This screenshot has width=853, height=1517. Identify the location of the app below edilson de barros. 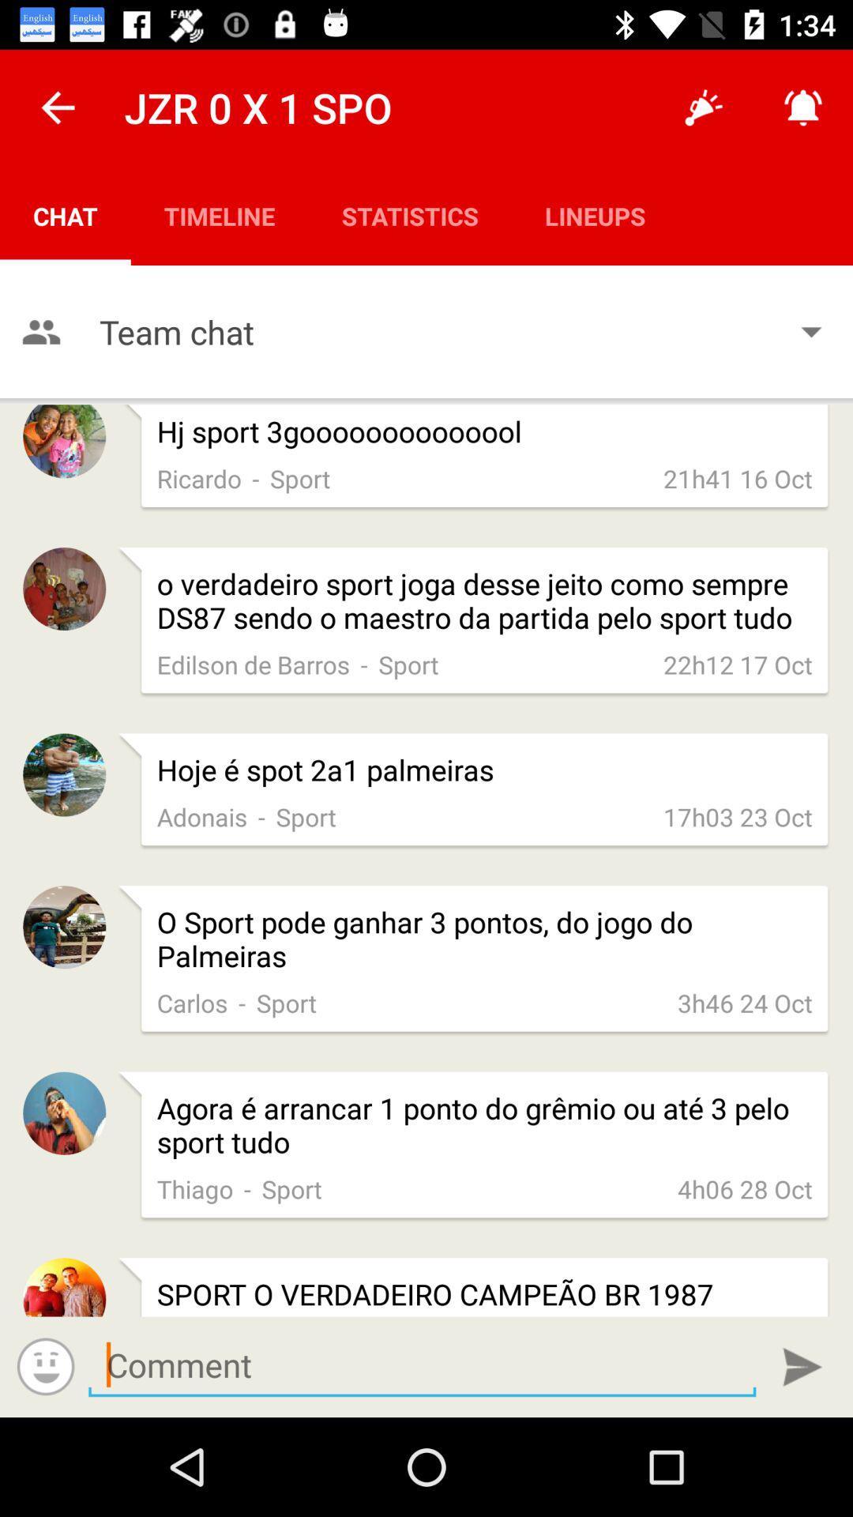
(483, 770).